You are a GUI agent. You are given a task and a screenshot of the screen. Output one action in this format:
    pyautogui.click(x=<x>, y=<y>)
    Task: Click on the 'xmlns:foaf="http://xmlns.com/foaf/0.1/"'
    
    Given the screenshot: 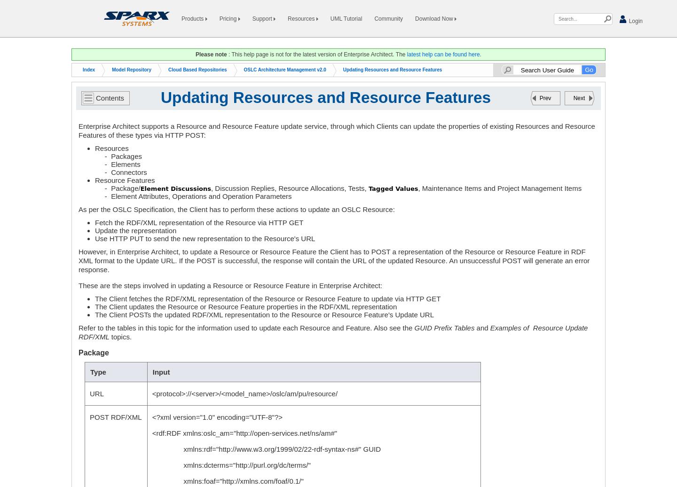 What is the action you would take?
    pyautogui.click(x=227, y=481)
    